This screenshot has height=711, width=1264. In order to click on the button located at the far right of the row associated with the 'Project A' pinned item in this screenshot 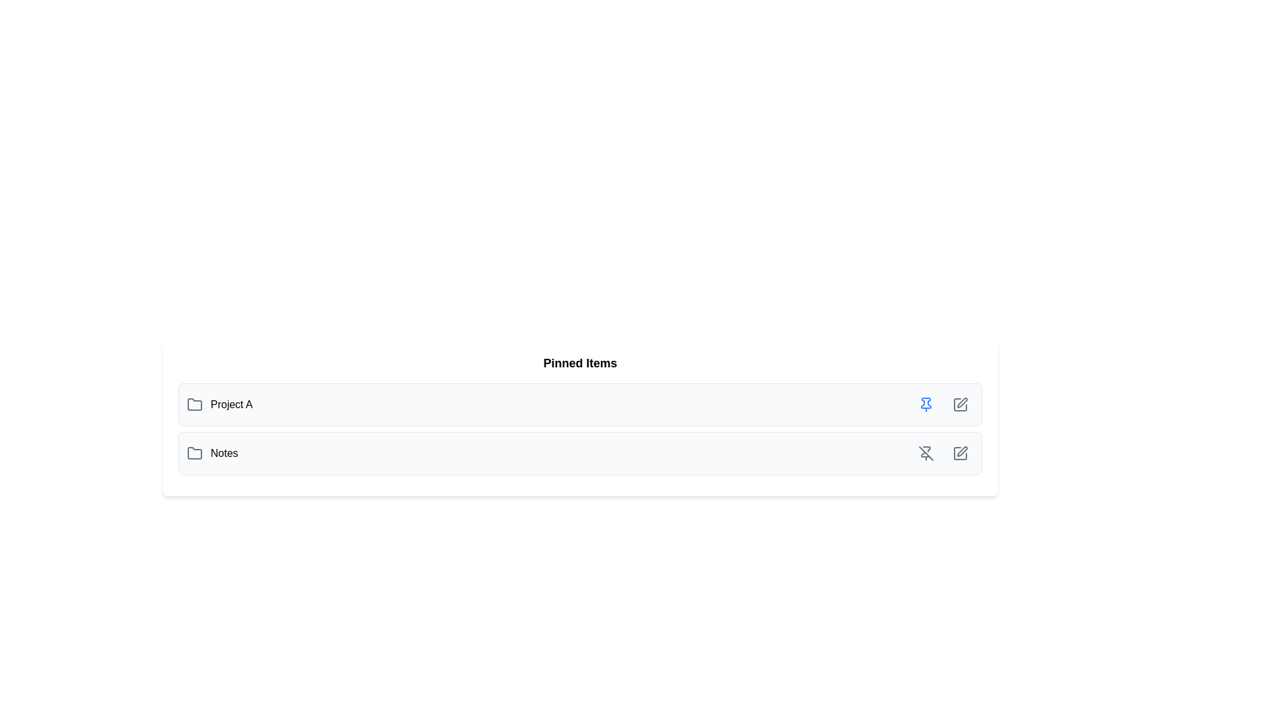, I will do `click(961, 404)`.